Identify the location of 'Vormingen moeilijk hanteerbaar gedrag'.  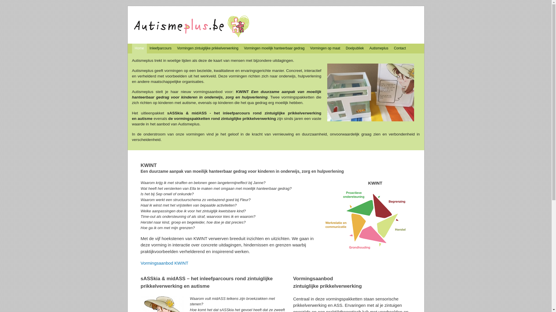
(274, 48).